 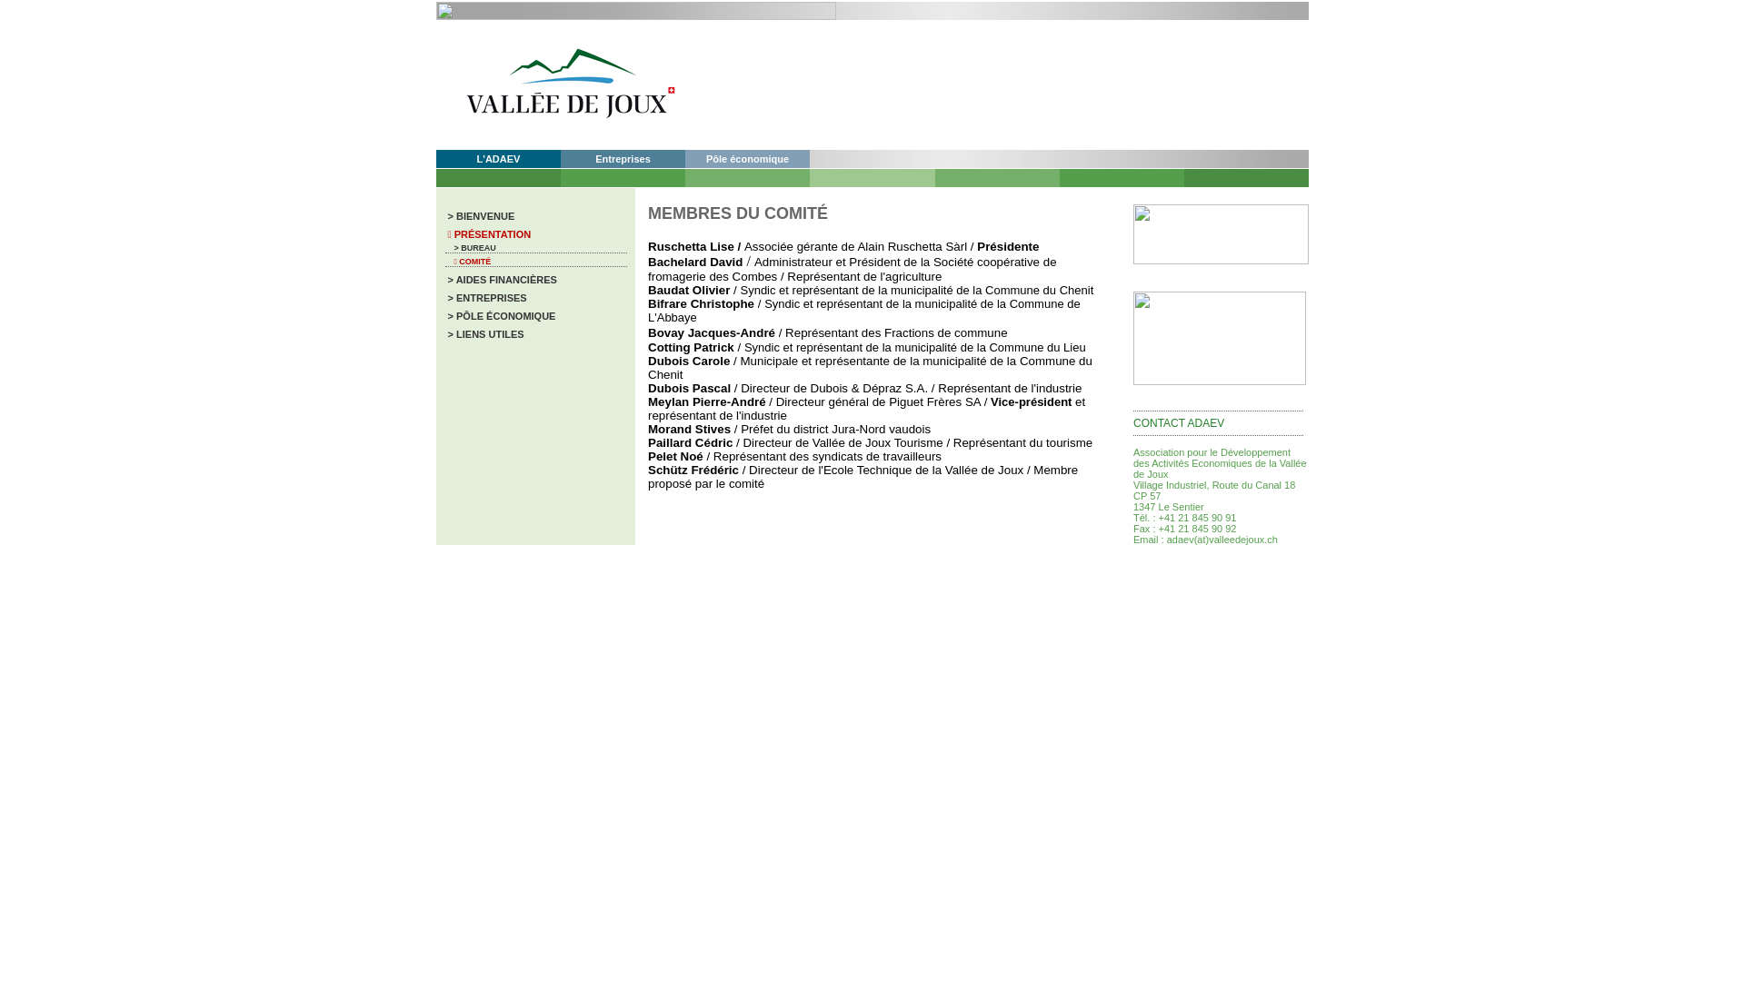 What do you see at coordinates (471, 248) in the screenshot?
I see `'    > BUREAU'` at bounding box center [471, 248].